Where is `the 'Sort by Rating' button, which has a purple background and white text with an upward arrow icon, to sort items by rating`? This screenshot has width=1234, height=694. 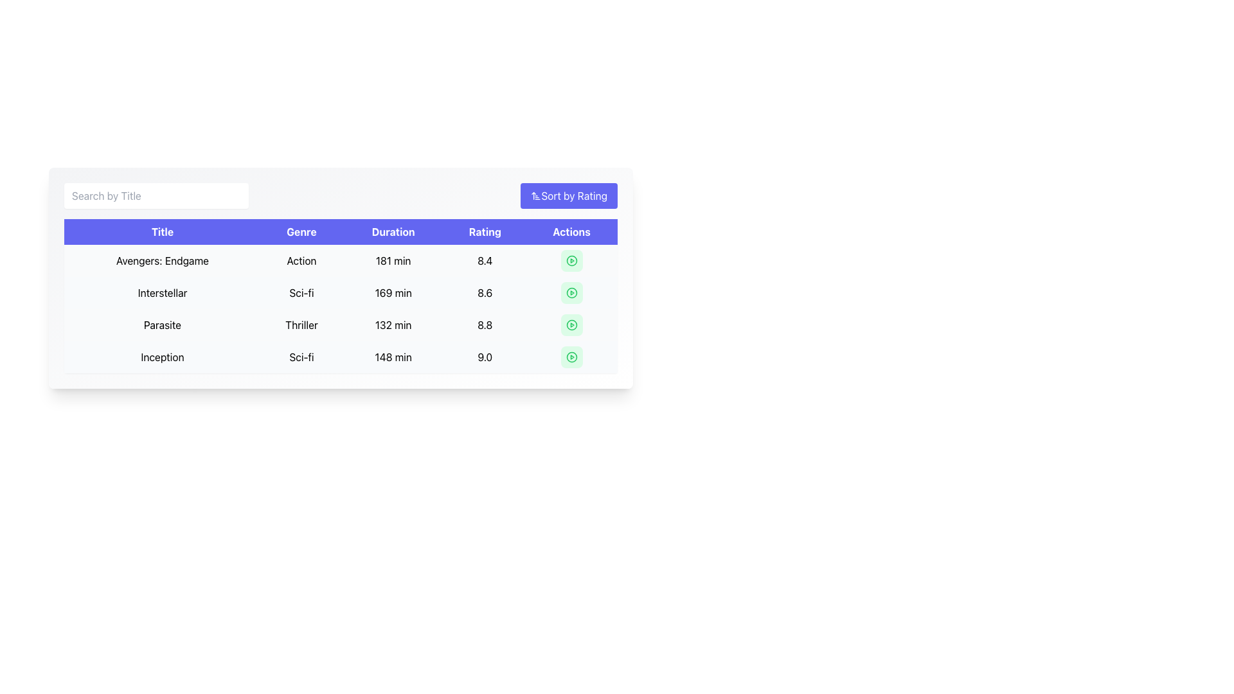 the 'Sort by Rating' button, which has a purple background and white text with an upward arrow icon, to sort items by rating is located at coordinates (568, 195).